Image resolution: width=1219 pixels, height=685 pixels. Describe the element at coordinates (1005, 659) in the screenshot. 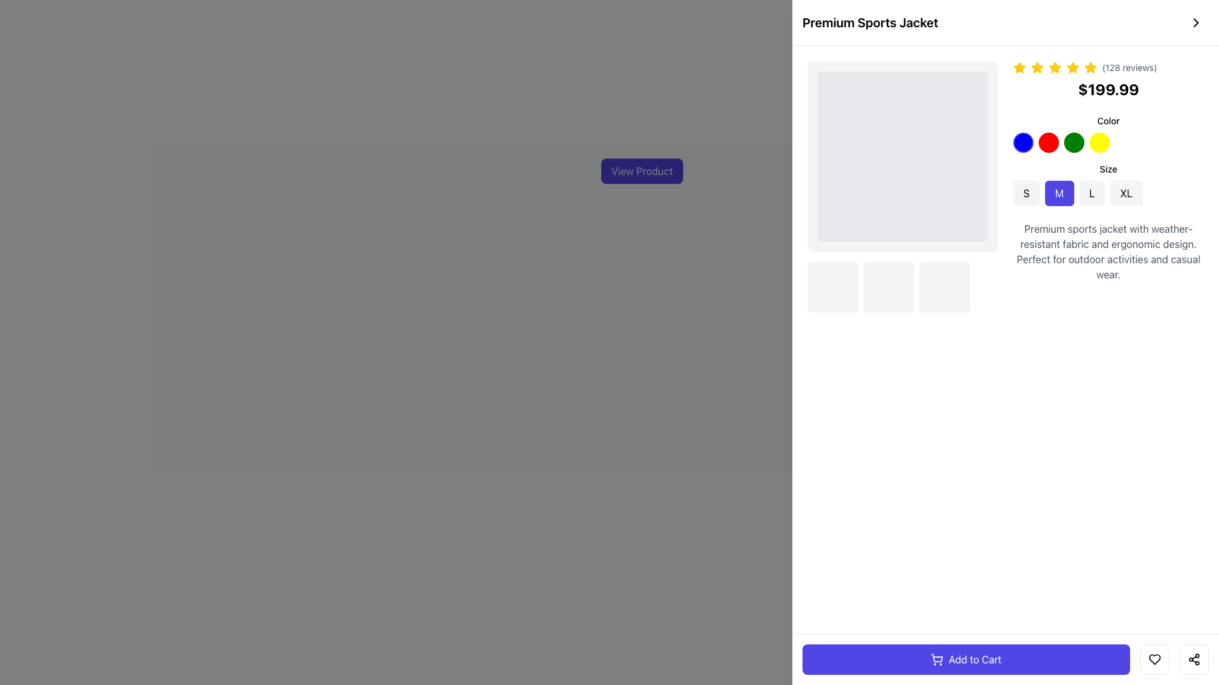

I see `the 'Add to Cart' button located at the bottom section of the interface, centered horizontally` at that location.